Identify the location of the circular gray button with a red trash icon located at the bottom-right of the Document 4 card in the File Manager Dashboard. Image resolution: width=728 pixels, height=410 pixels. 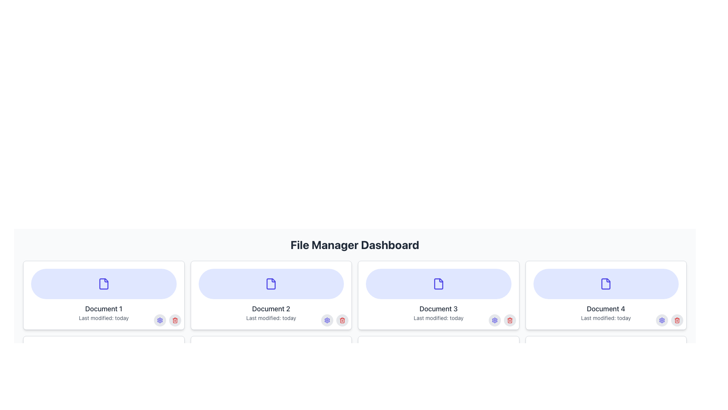
(510, 395).